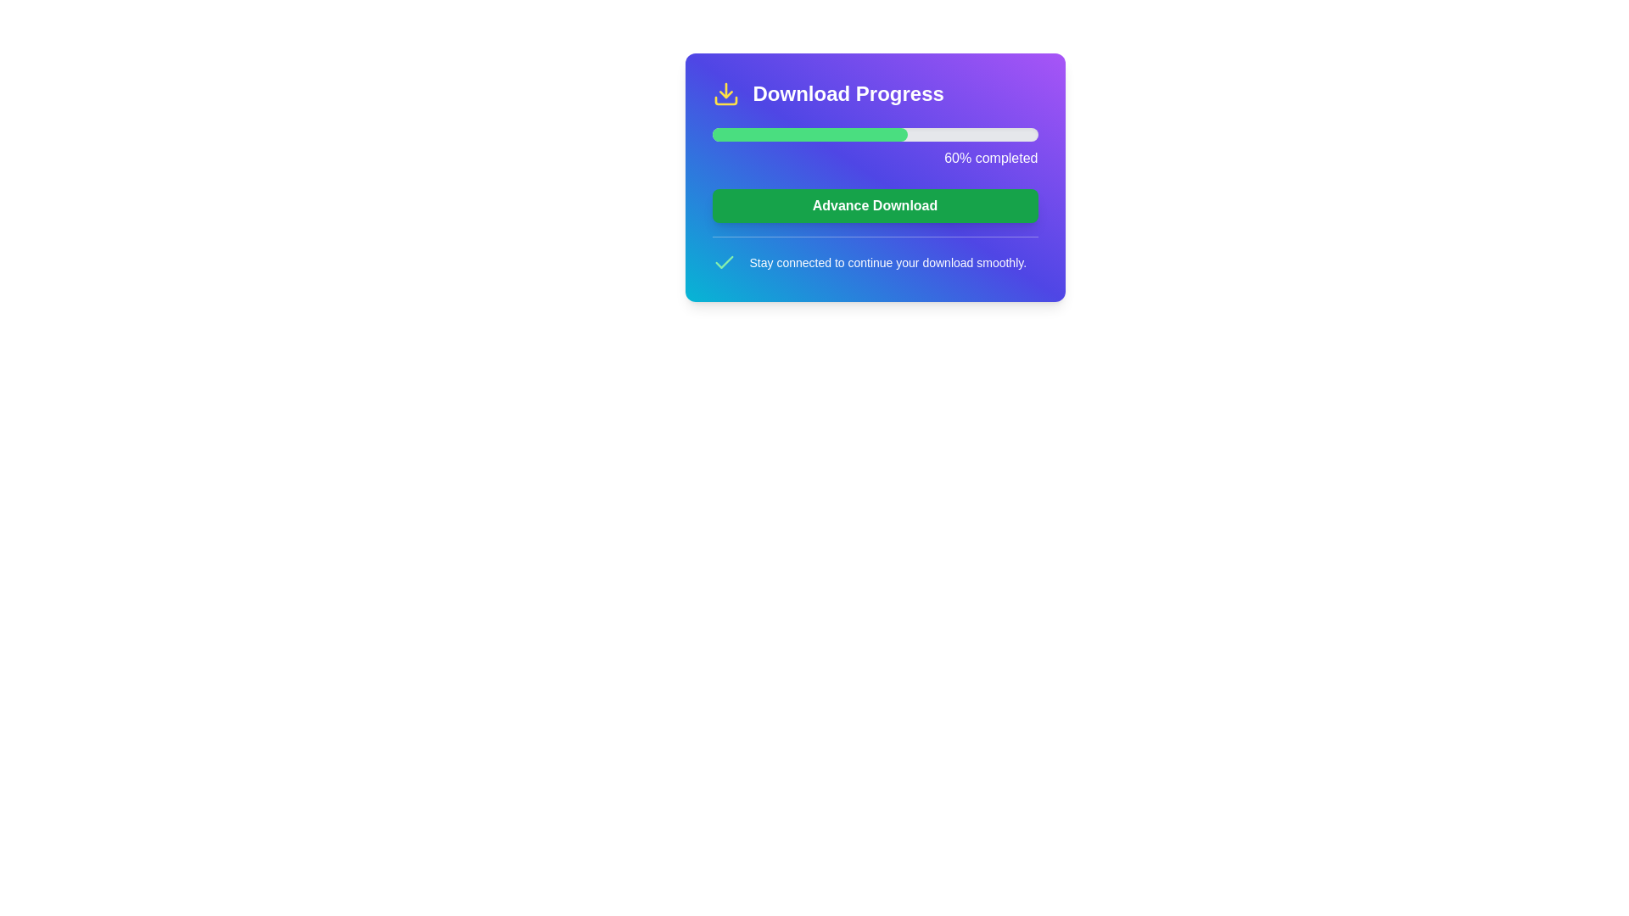 The width and height of the screenshot is (1629, 916). What do you see at coordinates (724, 262) in the screenshot?
I see `the green checkmark icon located near the top-left corner of the rectangular card UI component, which is nested within an SVG element close to the text 'Download Progress'` at bounding box center [724, 262].